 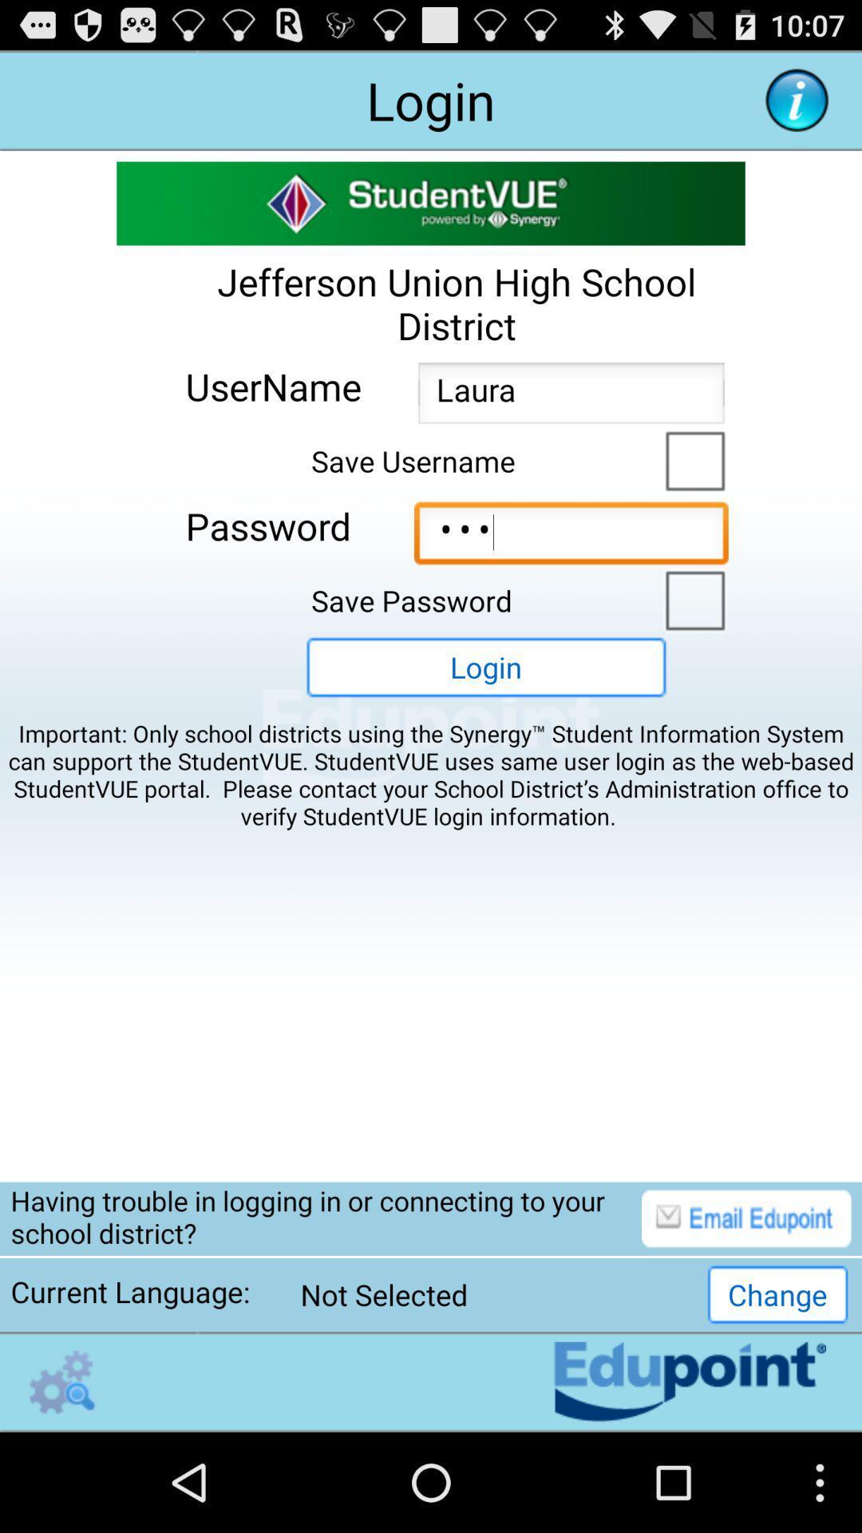 What do you see at coordinates (61, 1381) in the screenshot?
I see `settings` at bounding box center [61, 1381].